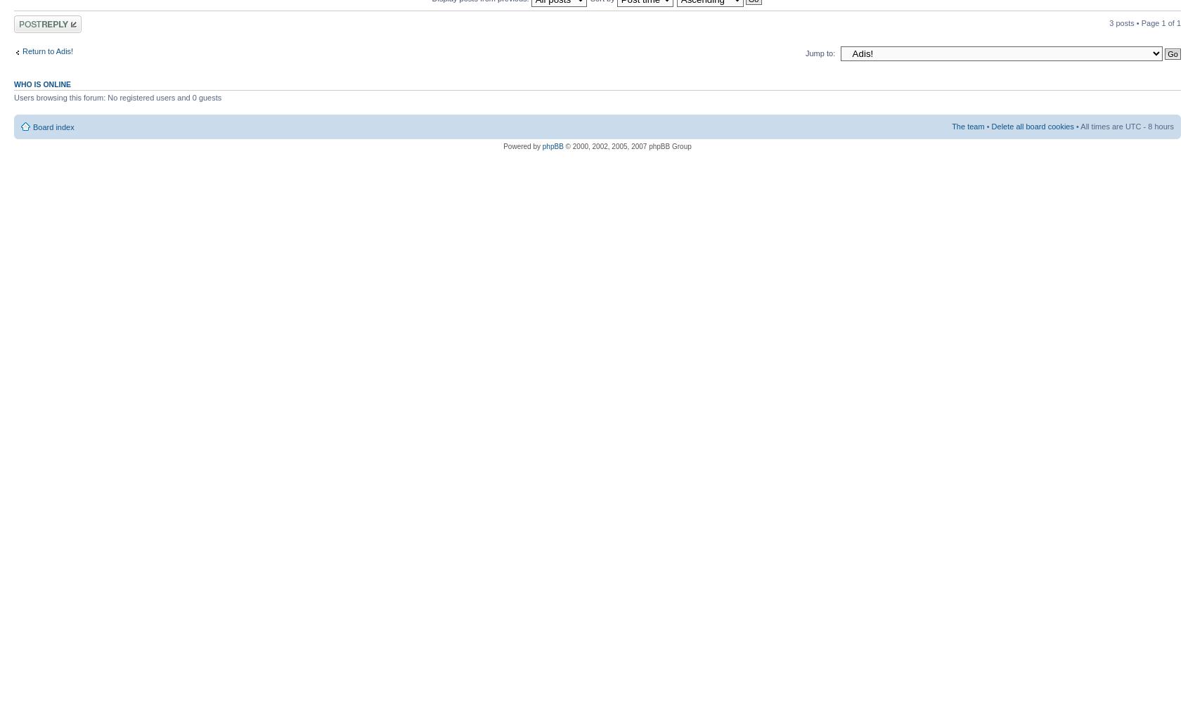 This screenshot has height=703, width=1195. Describe the element at coordinates (1123, 126) in the screenshot. I see `'• All times are UTC - 8 hours'` at that location.